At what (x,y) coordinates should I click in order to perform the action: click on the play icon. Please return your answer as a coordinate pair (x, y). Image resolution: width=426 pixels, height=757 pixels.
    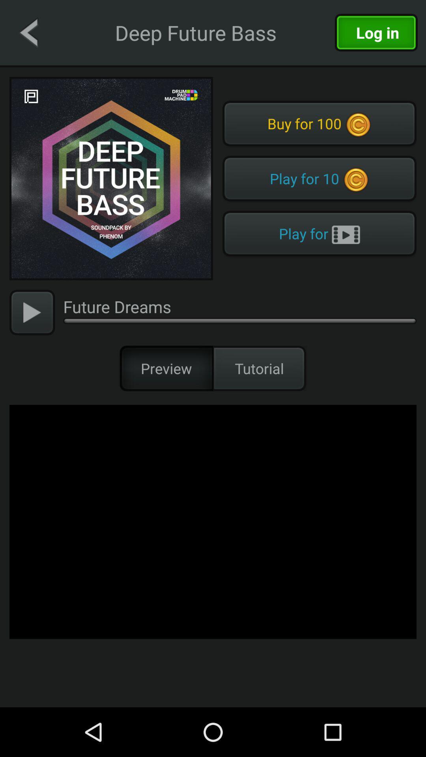
    Looking at the image, I should click on (32, 312).